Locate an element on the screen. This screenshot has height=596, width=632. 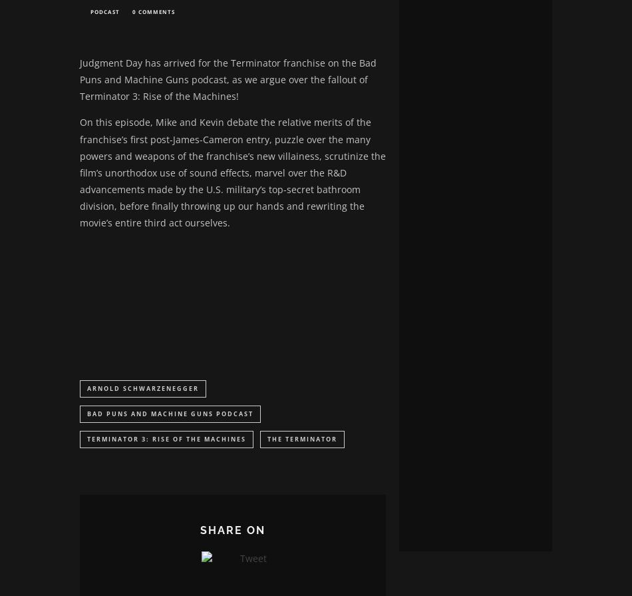
'Bad Puns and Machine Guns Podcast' is located at coordinates (87, 415).